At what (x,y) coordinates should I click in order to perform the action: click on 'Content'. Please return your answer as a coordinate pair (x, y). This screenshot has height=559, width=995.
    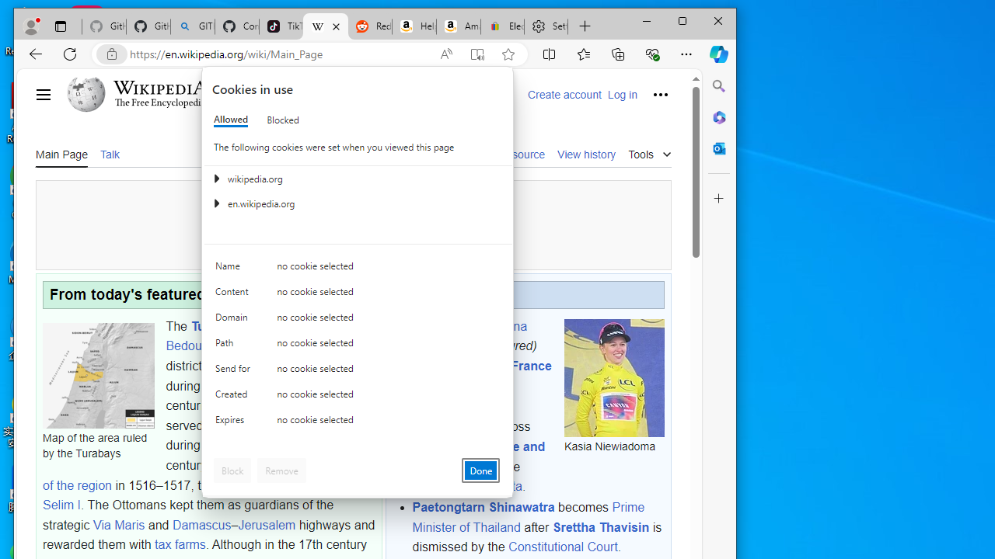
    Looking at the image, I should click on (234, 295).